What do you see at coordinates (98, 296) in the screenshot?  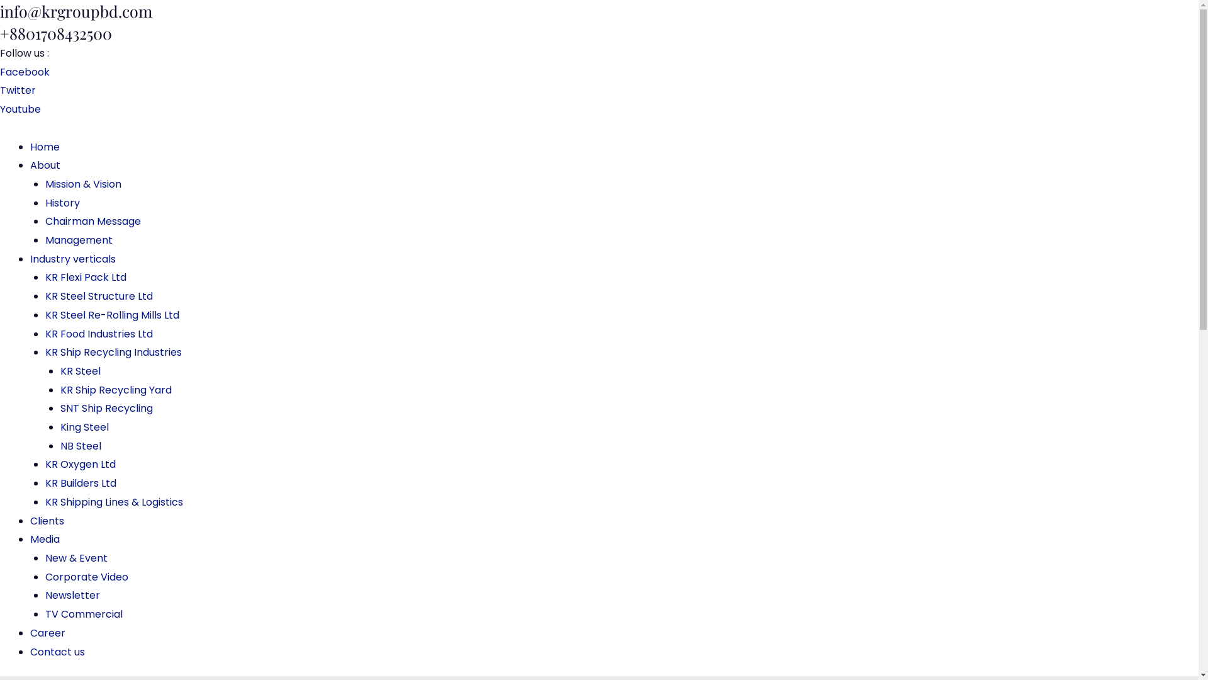 I see `'KR Steel Structure Ltd'` at bounding box center [98, 296].